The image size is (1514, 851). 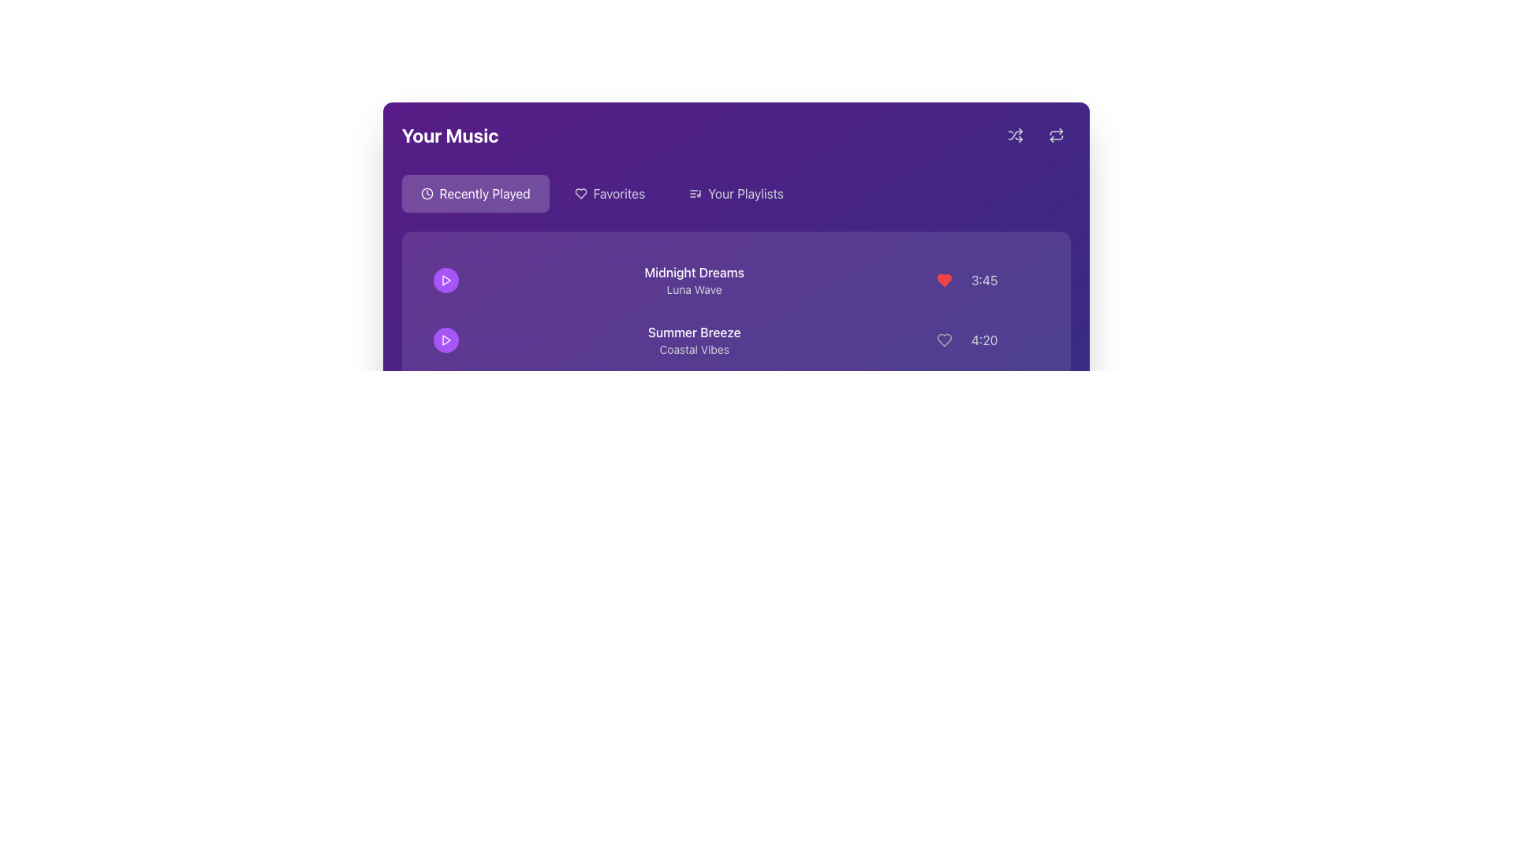 I want to click on the text label displaying 'Luna Wave,' which is positioned below the larger text 'Midnight Dreams.', so click(x=694, y=289).